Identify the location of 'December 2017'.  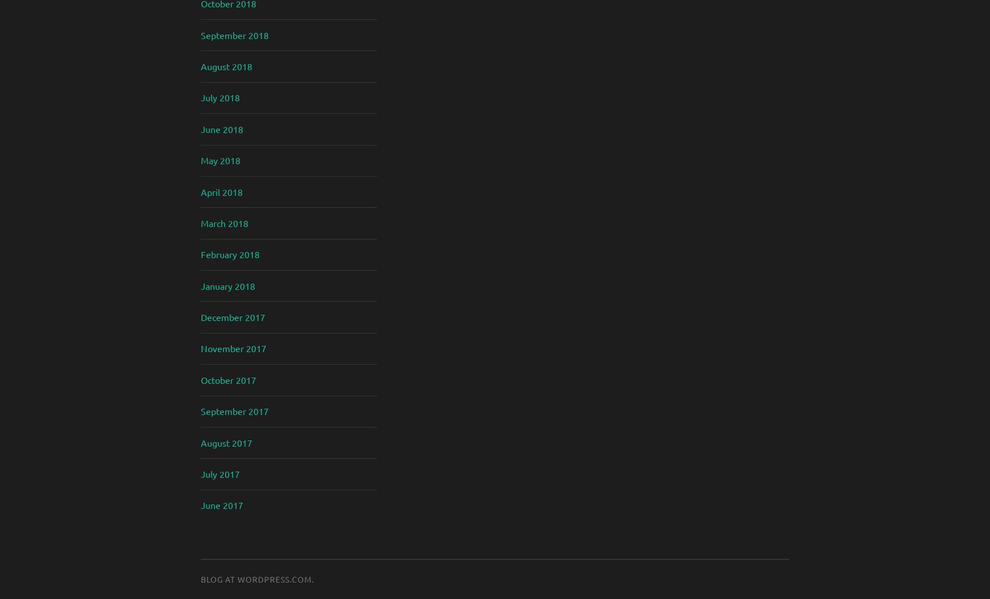
(232, 316).